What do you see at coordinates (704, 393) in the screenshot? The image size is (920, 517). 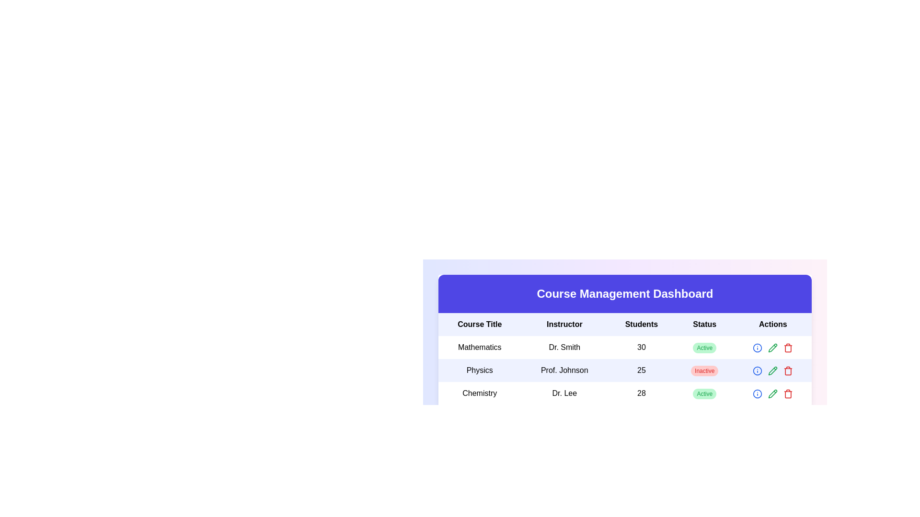 I see `the green-colored pill-shaped label displaying 'Active' in the 'Status' column of the 'Course Management Dashboard' for the 'Chemistry' course` at bounding box center [704, 393].